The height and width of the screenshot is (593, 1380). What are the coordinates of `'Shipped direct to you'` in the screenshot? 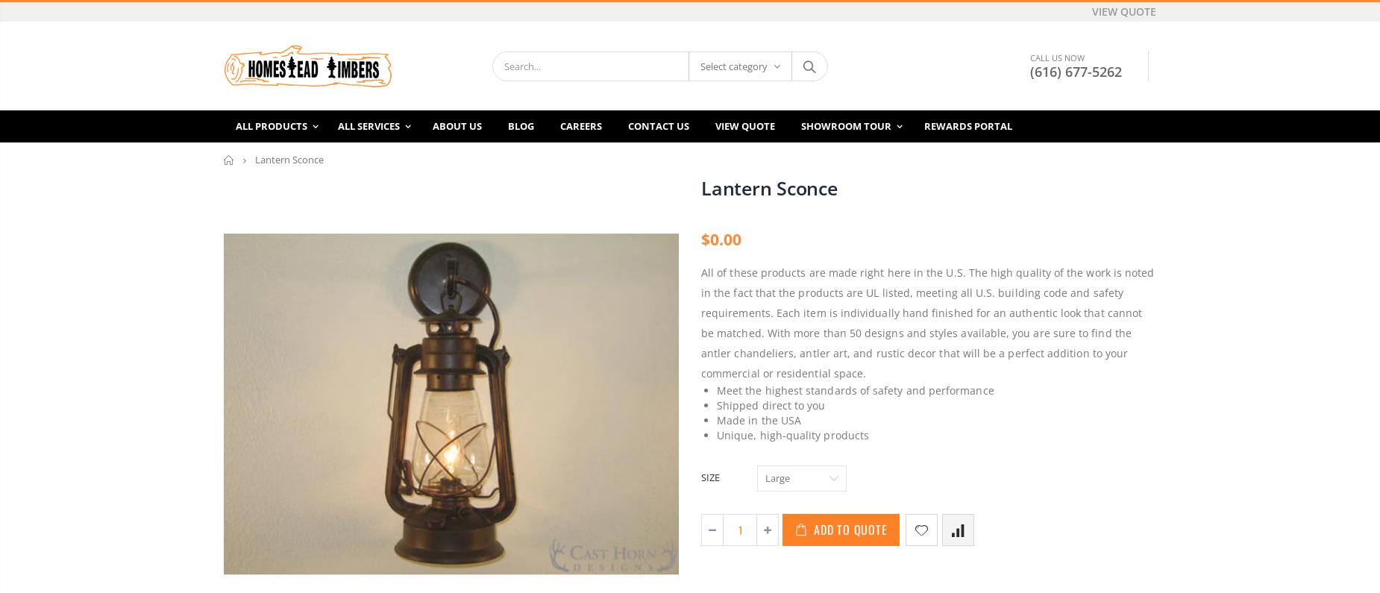 It's located at (770, 405).